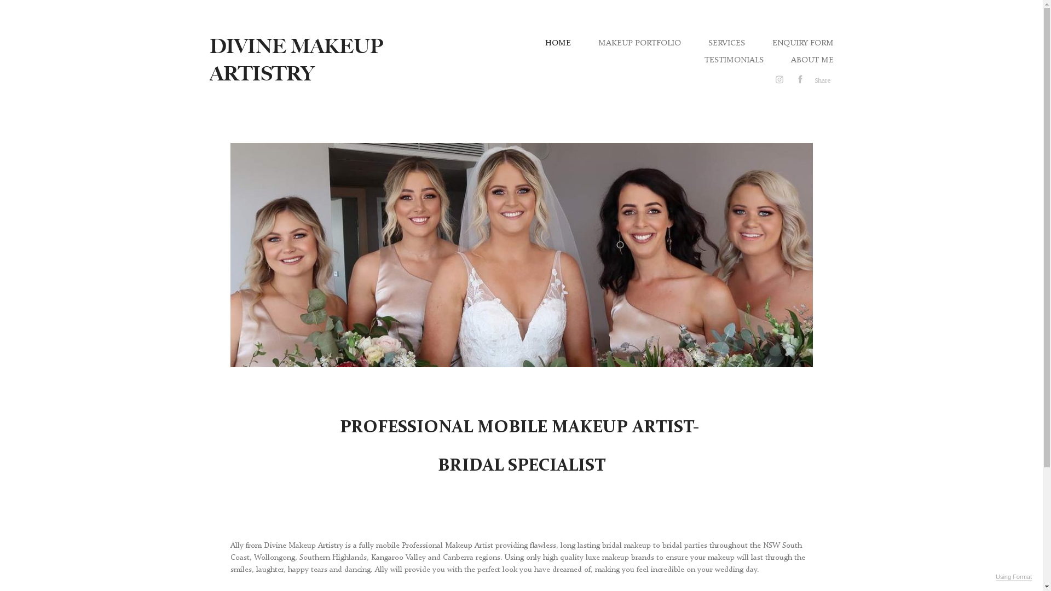 The width and height of the screenshot is (1051, 591). What do you see at coordinates (558, 42) in the screenshot?
I see `'HOME'` at bounding box center [558, 42].